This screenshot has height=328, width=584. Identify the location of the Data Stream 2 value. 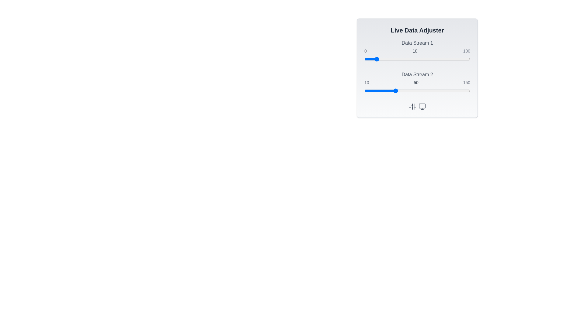
(401, 91).